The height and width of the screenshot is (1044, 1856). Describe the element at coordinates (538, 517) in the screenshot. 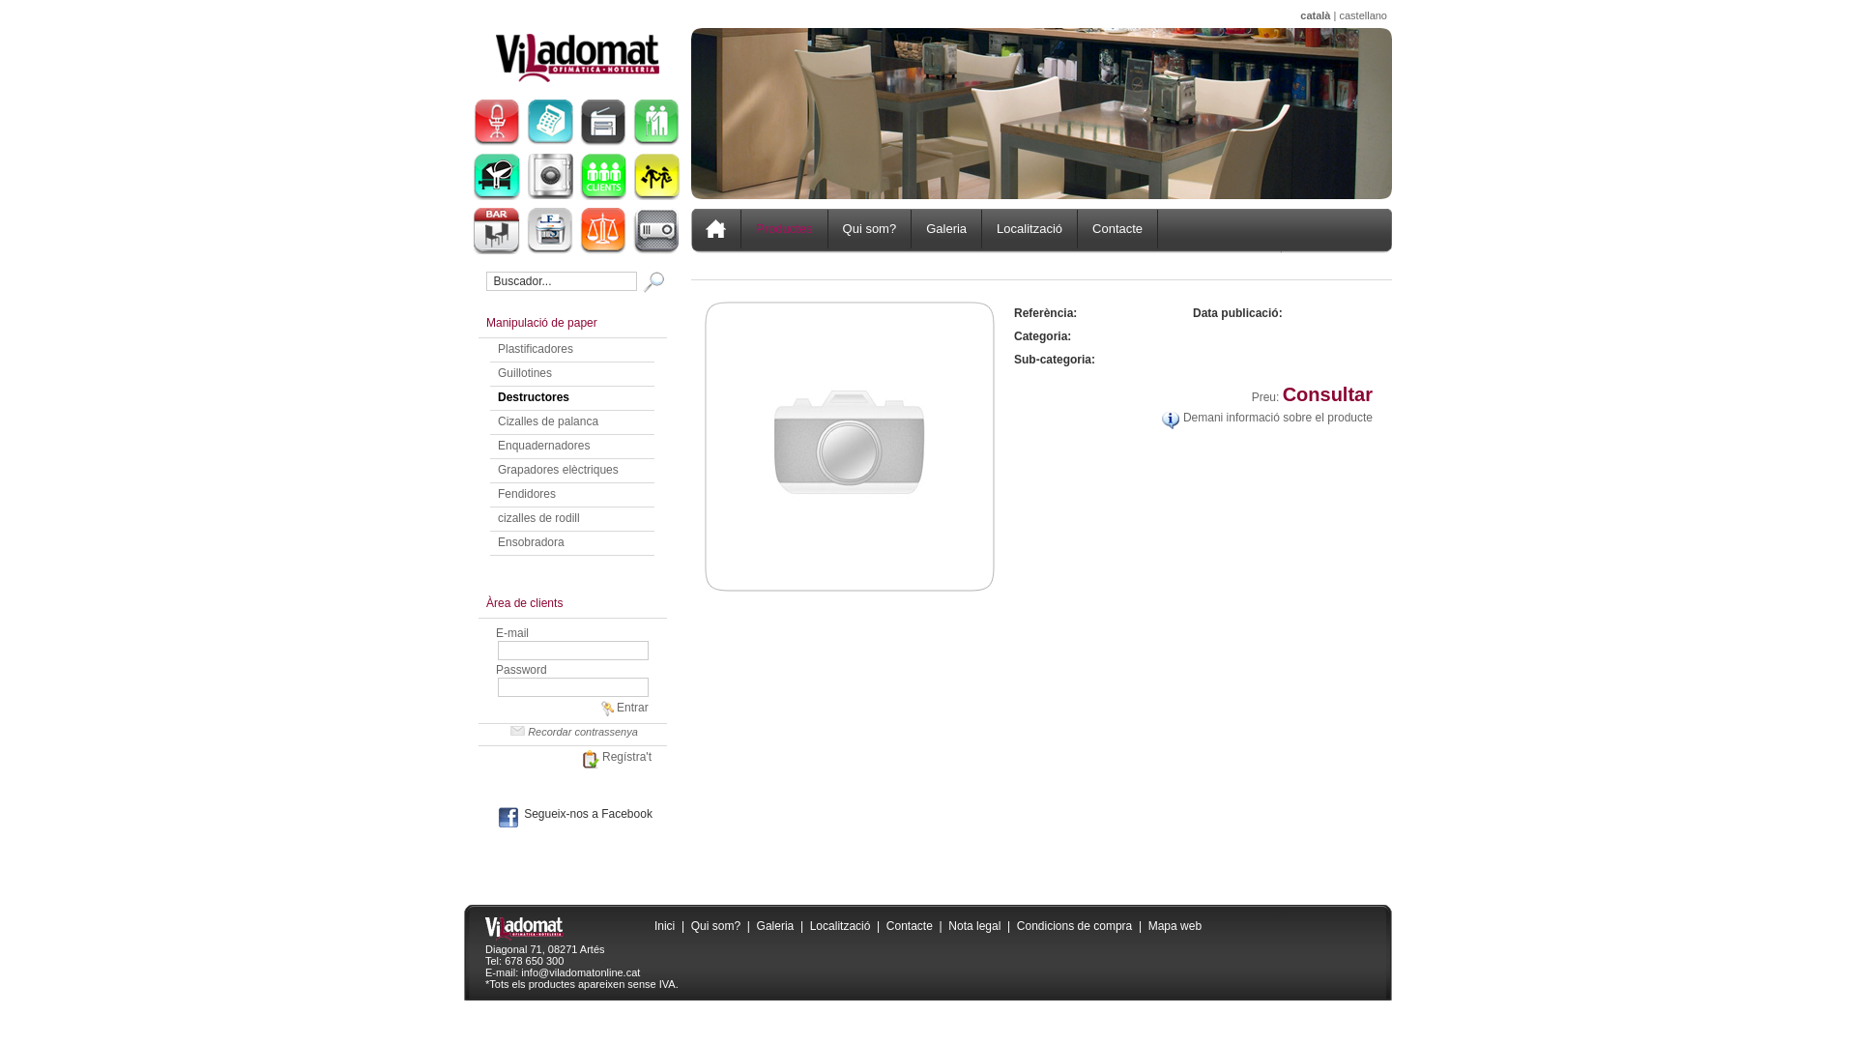

I see `'cizalles de rodill'` at that location.